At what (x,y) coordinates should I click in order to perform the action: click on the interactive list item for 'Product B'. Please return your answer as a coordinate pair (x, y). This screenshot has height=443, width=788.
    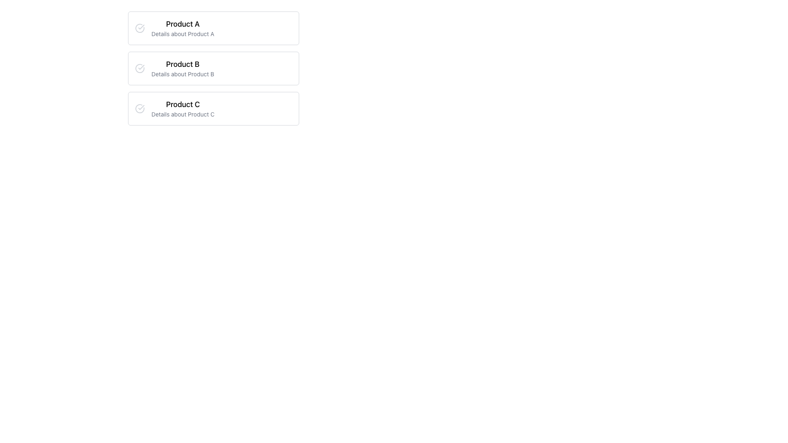
    Looking at the image, I should click on (213, 68).